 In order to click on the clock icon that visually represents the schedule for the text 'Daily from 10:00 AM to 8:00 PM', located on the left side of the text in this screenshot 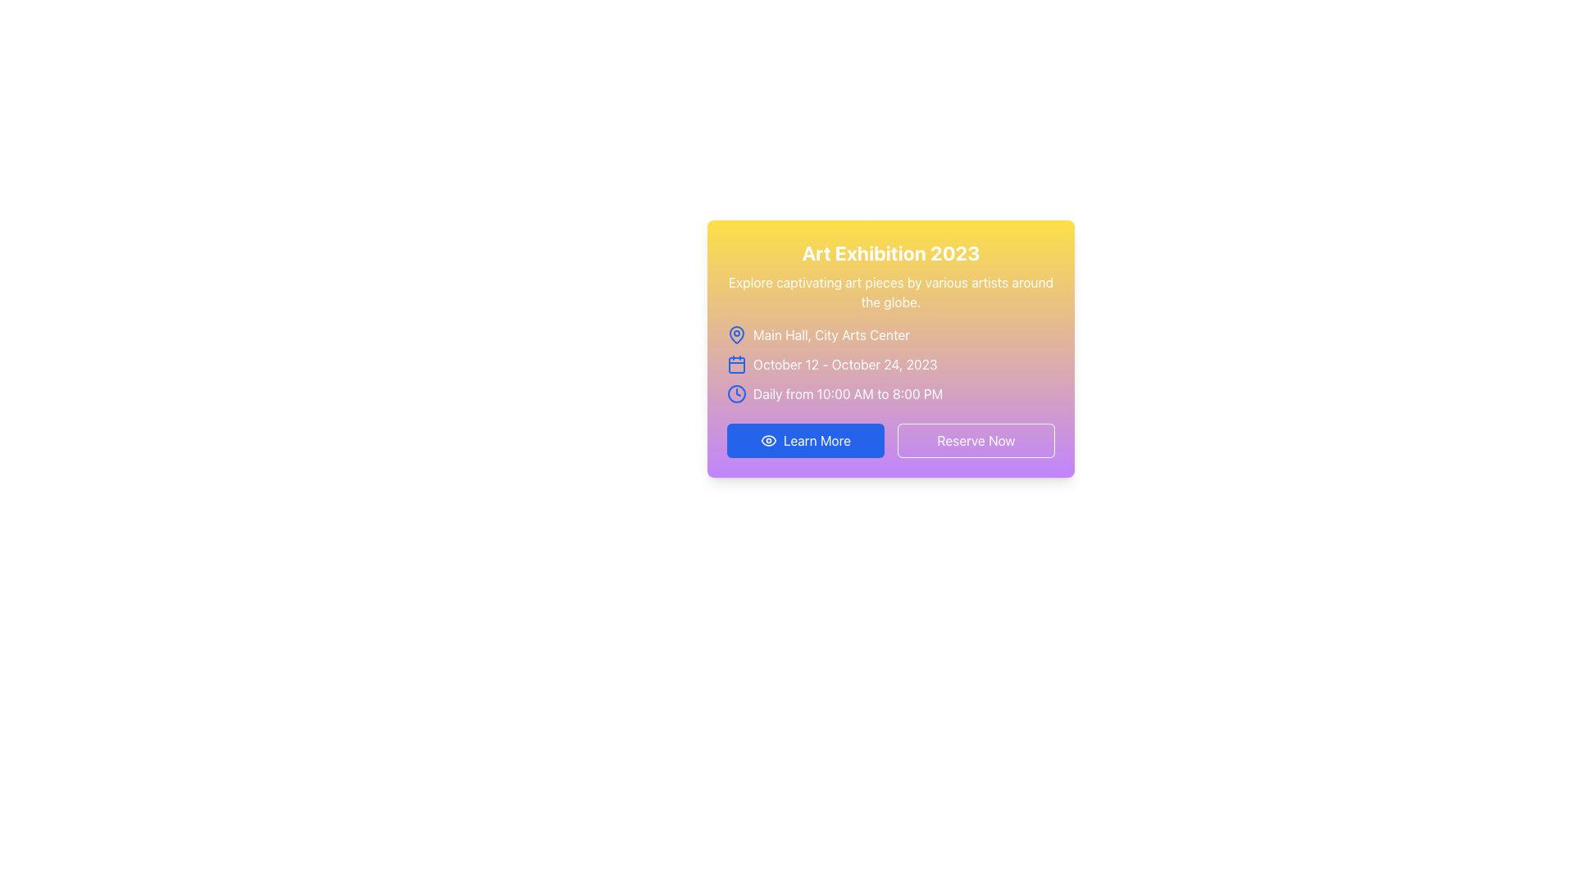, I will do `click(735, 394)`.